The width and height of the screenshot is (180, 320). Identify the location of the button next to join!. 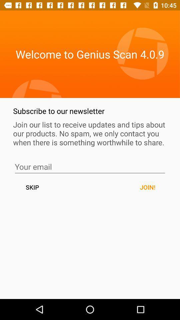
(32, 187).